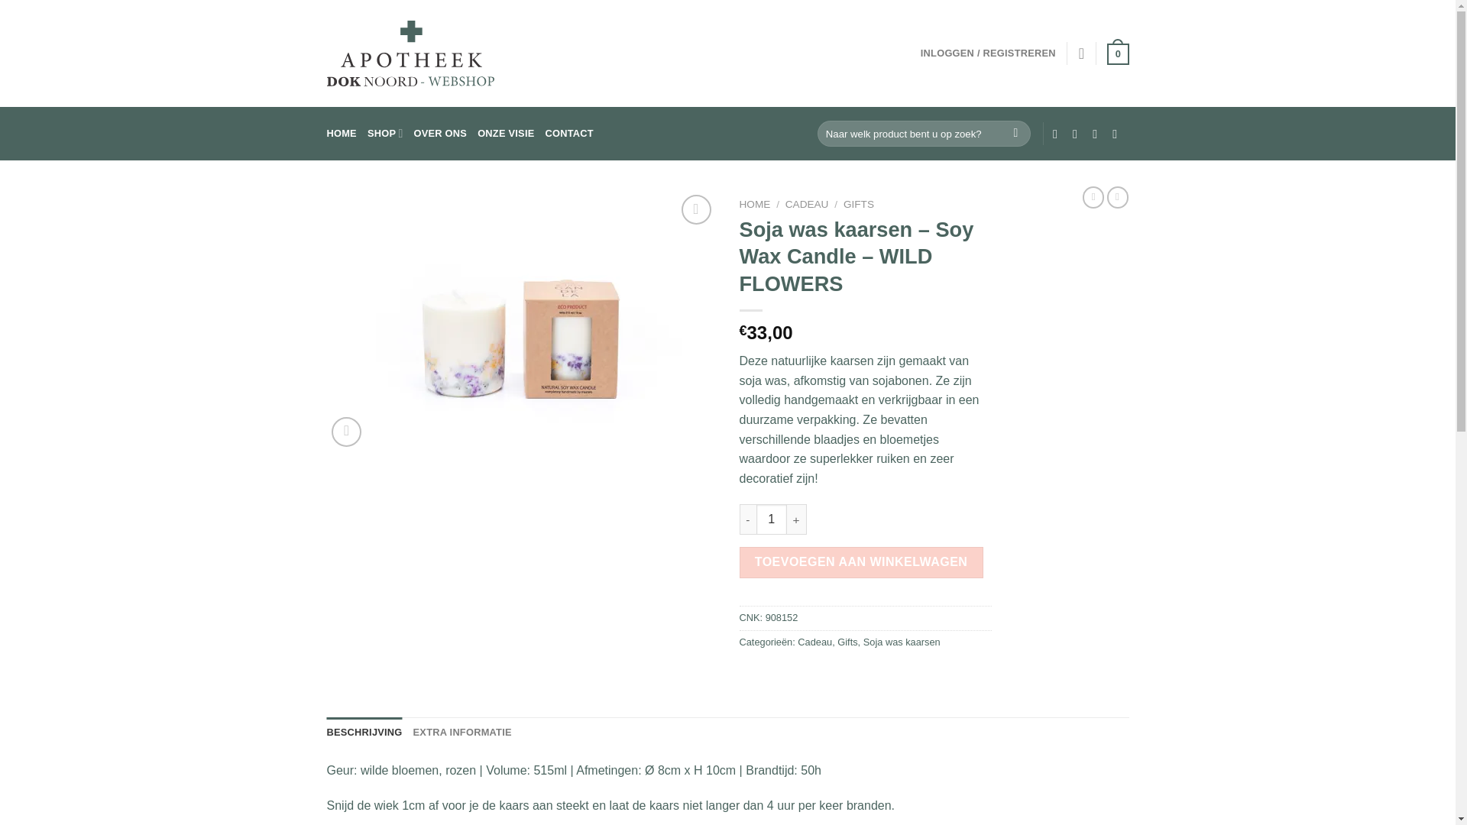 Image resolution: width=1467 pixels, height=825 pixels. Describe the element at coordinates (568, 132) in the screenshot. I see `'CONTACT'` at that location.